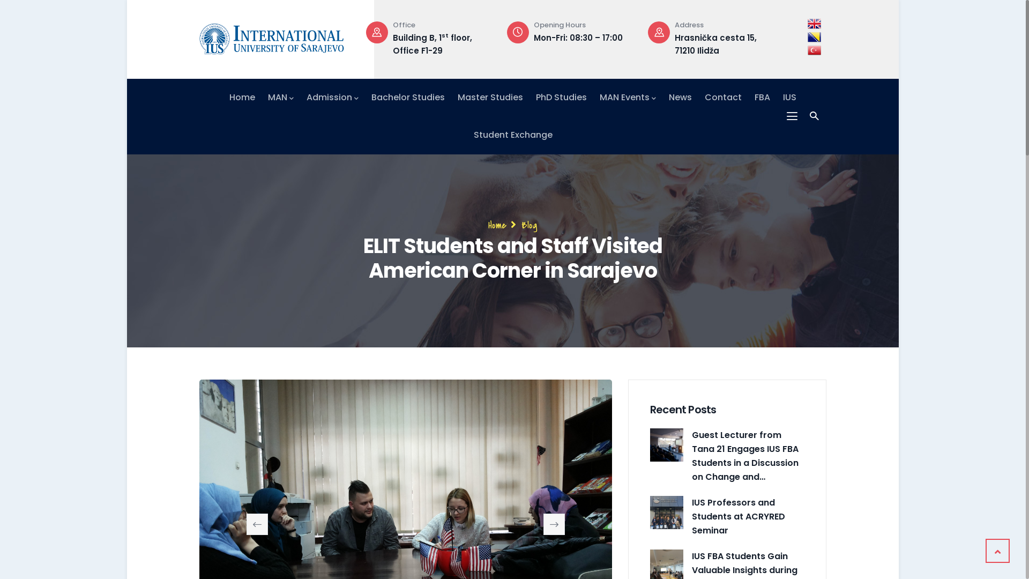  Describe the element at coordinates (512, 134) in the screenshot. I see `'Student Exchange'` at that location.